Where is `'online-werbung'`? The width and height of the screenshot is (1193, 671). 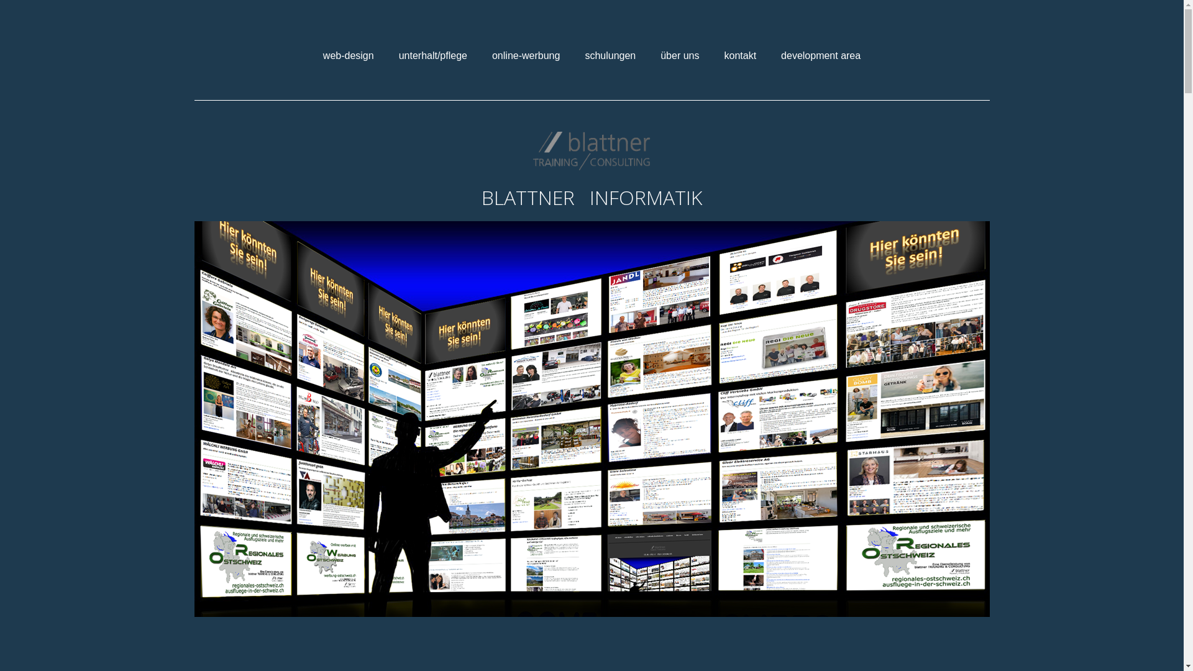 'online-werbung' is located at coordinates (482, 55).